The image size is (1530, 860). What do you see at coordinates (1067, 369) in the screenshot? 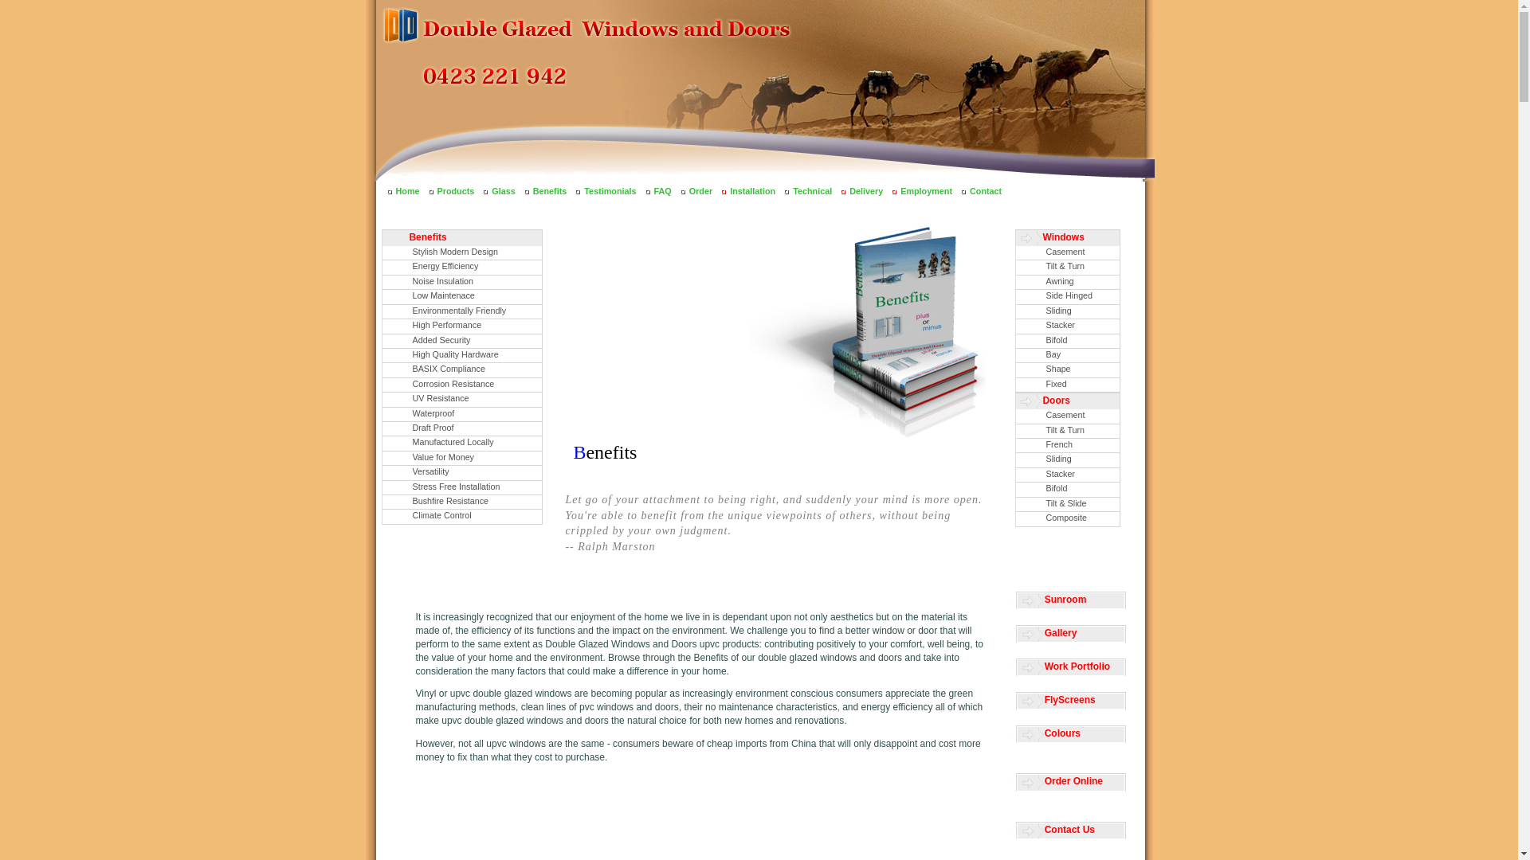
I see `'Shape'` at bounding box center [1067, 369].